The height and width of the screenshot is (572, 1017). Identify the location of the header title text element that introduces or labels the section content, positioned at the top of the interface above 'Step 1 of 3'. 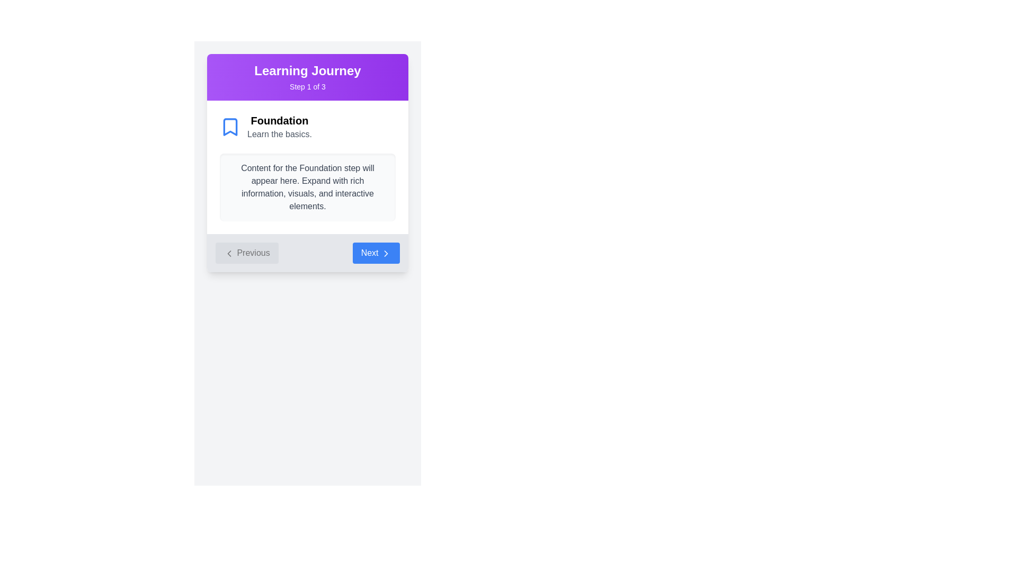
(307, 71).